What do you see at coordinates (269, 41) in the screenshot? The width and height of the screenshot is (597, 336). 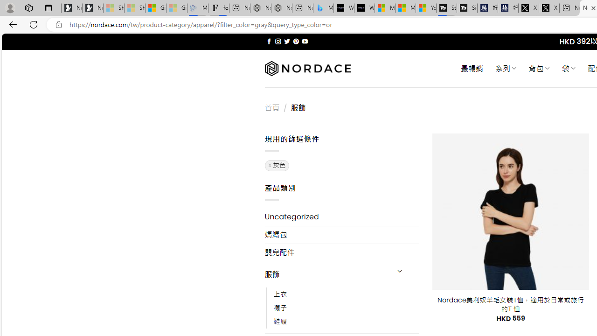 I see `'Follow on Facebook'` at bounding box center [269, 41].